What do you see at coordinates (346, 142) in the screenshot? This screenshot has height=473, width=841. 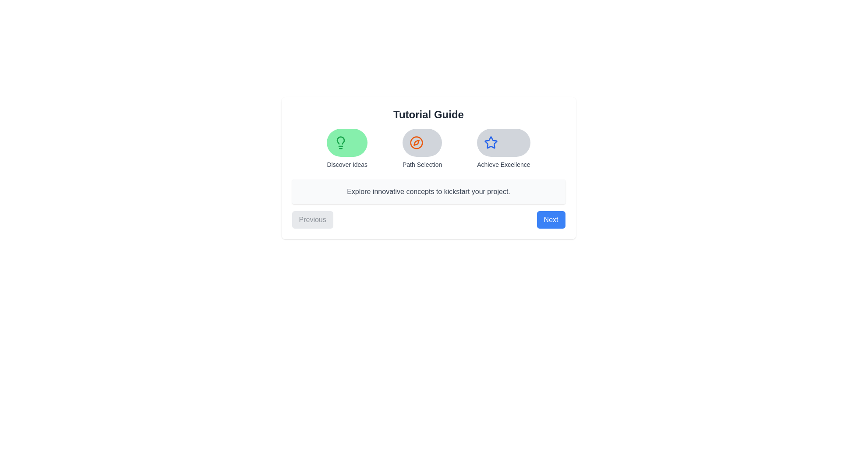 I see `the icon representing the tutorial step Discover Ideas` at bounding box center [346, 142].